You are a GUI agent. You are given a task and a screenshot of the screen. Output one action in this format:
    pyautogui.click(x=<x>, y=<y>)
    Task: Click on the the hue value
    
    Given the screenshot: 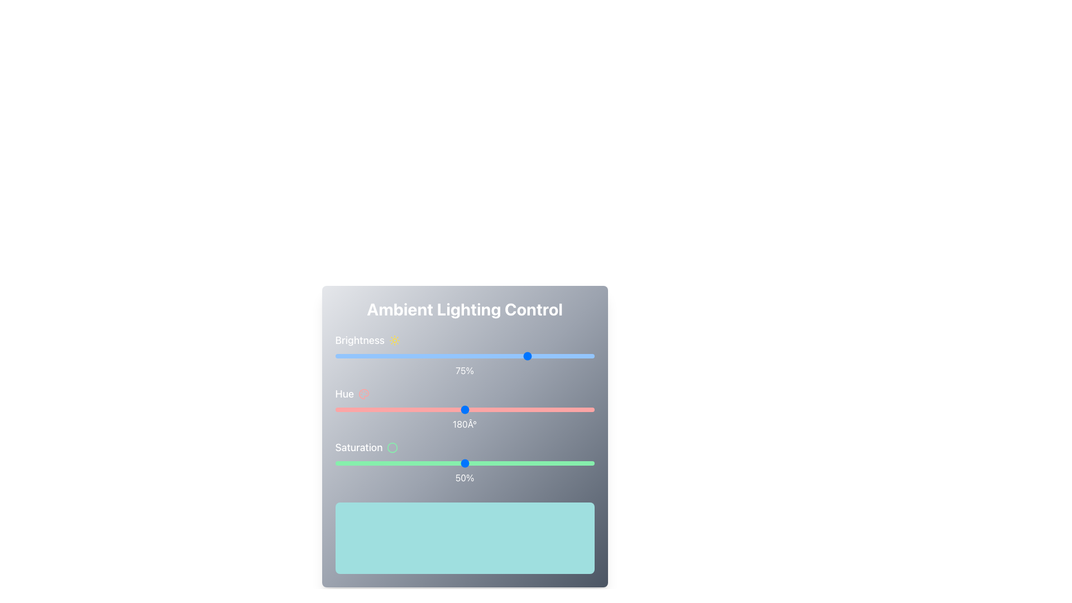 What is the action you would take?
    pyautogui.click(x=550, y=409)
    